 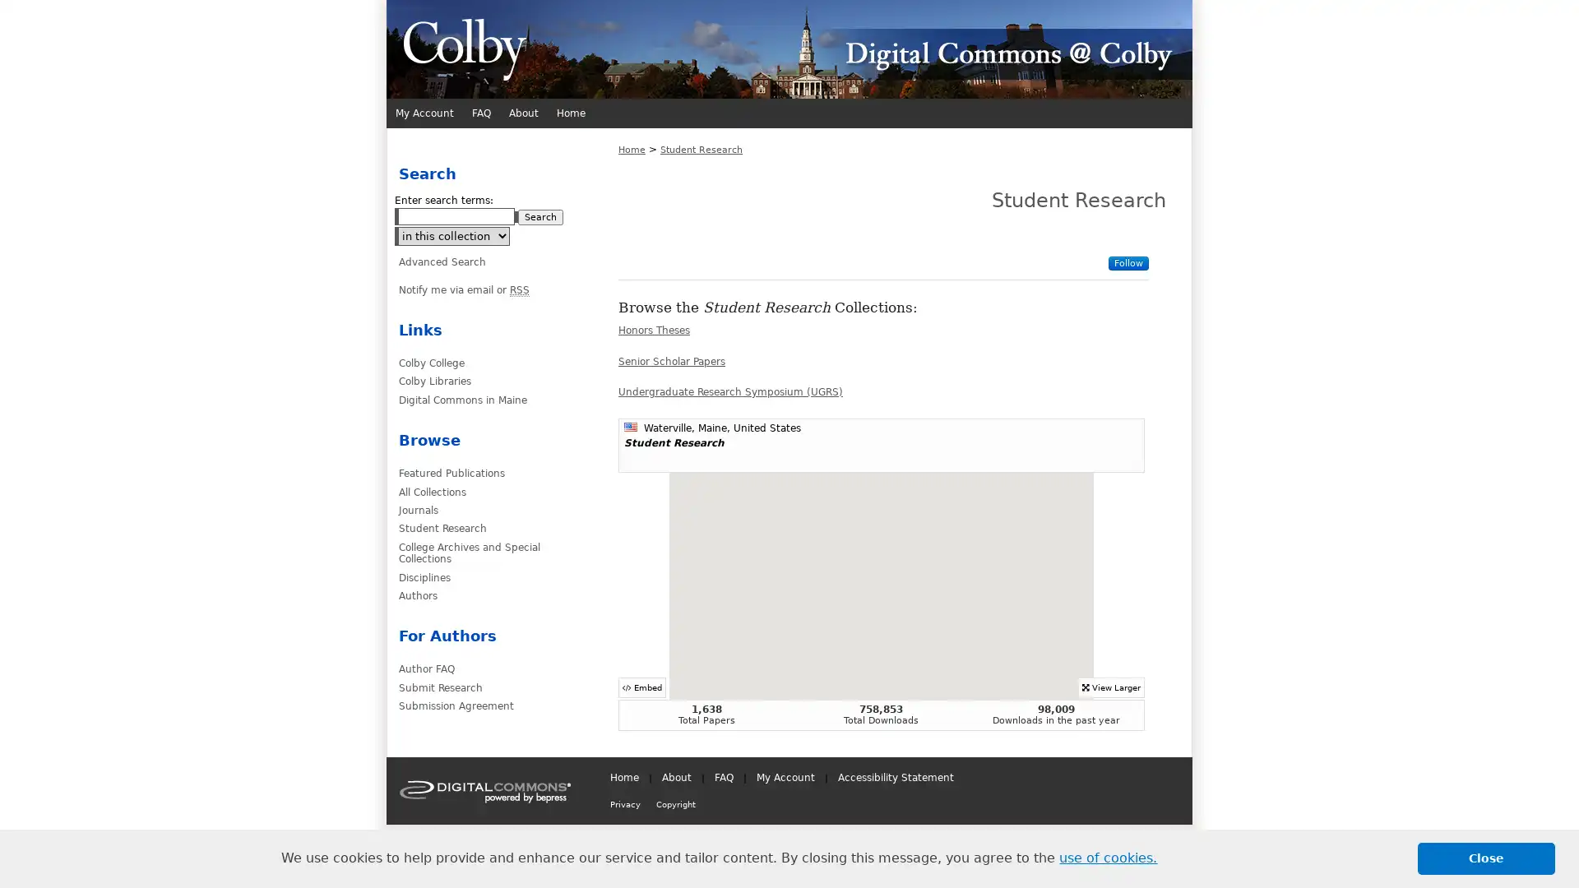 I want to click on learn more about cookies, so click(x=1108, y=858).